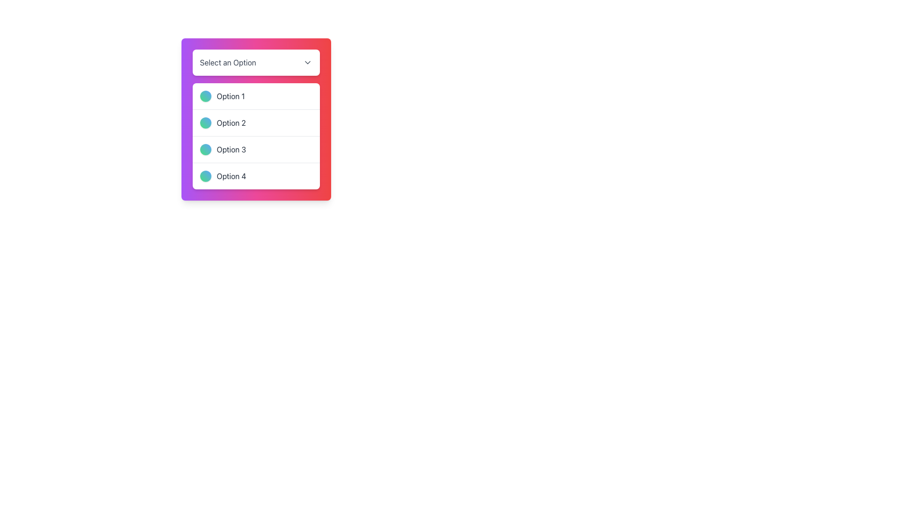 Image resolution: width=898 pixels, height=505 pixels. Describe the element at coordinates (256, 119) in the screenshot. I see `the second selectable option within the dropdown list` at that location.